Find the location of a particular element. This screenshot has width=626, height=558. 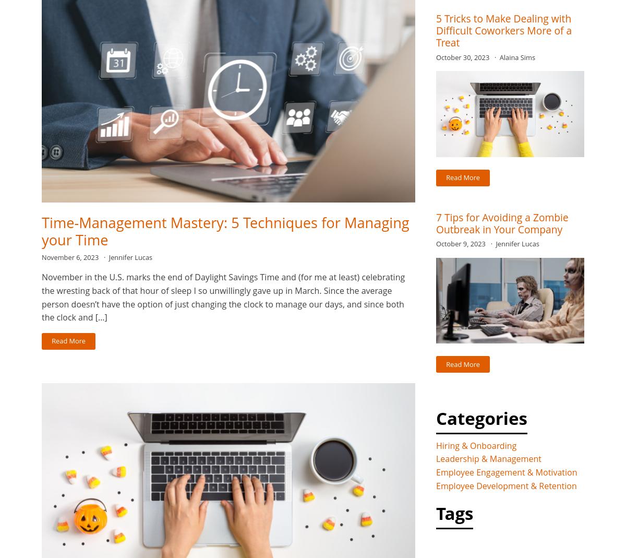

'Time-Management Mastery: 5 Techniques for Managing your Time' is located at coordinates (225, 230).